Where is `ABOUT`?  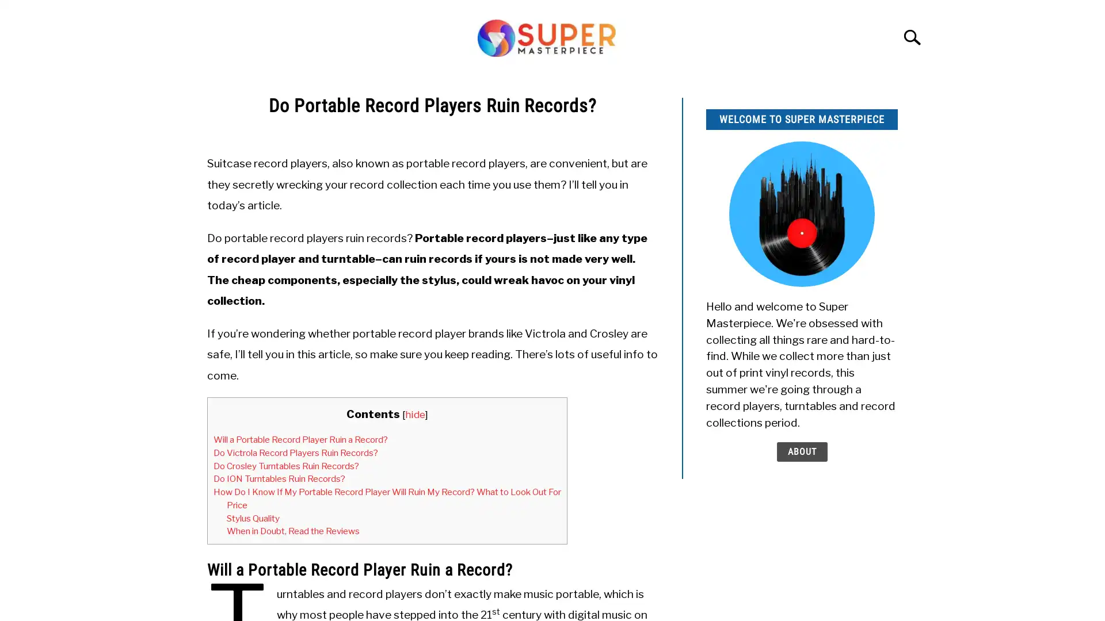 ABOUT is located at coordinates (801, 451).